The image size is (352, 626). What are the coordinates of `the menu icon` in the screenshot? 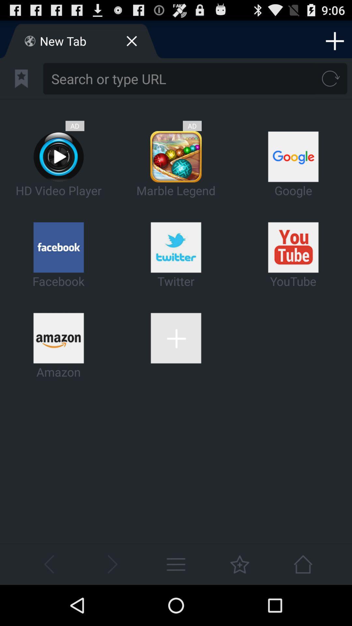 It's located at (176, 604).